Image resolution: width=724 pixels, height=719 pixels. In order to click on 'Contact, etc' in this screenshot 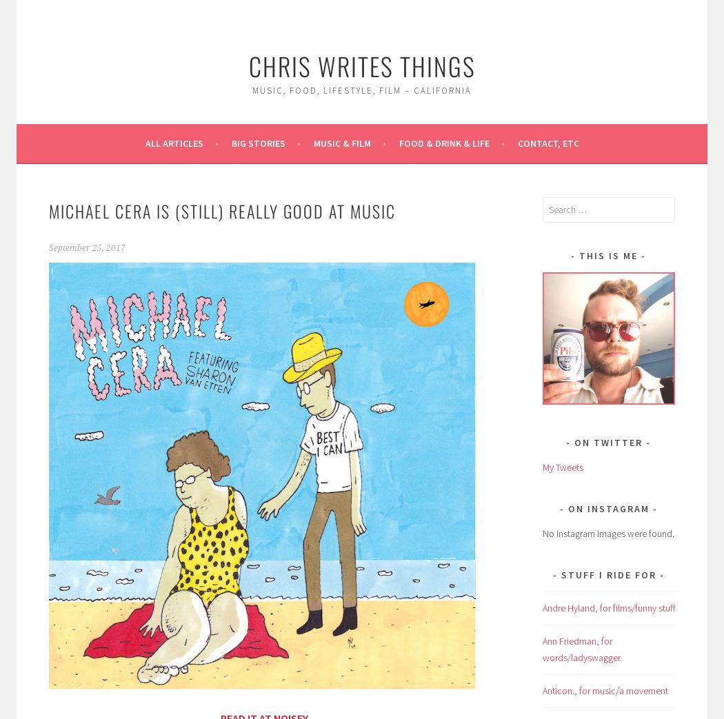, I will do `click(547, 142)`.